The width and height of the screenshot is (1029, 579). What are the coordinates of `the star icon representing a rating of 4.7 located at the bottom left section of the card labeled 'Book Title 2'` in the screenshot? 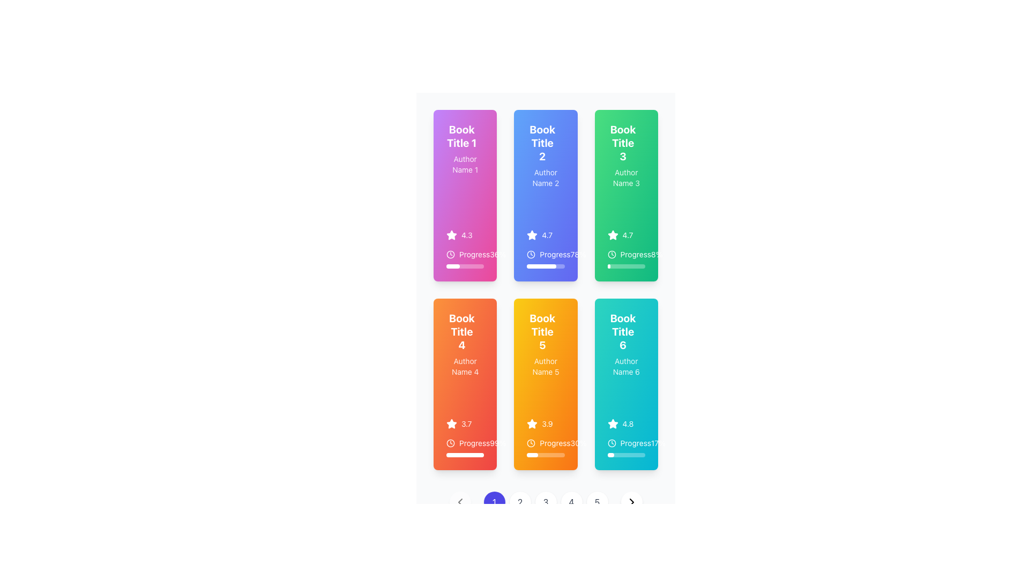 It's located at (532, 235).